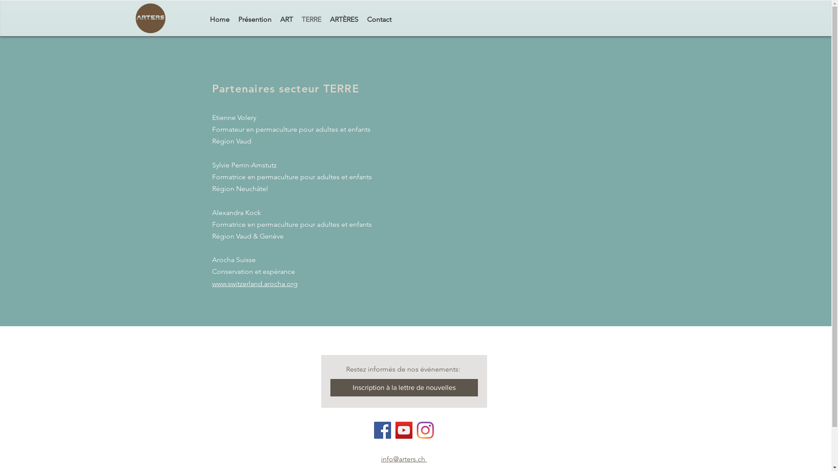 The image size is (838, 471). I want to click on 'arters_transparent.png', so click(150, 18).